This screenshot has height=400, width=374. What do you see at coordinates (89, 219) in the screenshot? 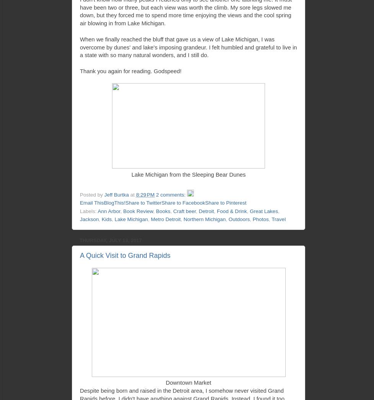
I see `'Jackson'` at bounding box center [89, 219].